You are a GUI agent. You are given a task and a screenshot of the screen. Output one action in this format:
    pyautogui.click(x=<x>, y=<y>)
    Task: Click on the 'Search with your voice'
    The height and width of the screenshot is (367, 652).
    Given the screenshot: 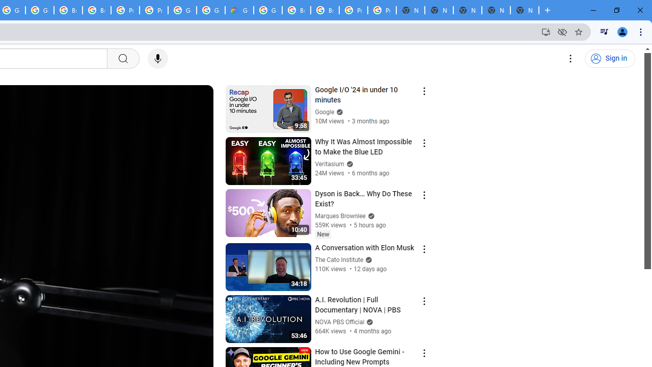 What is the action you would take?
    pyautogui.click(x=157, y=59)
    